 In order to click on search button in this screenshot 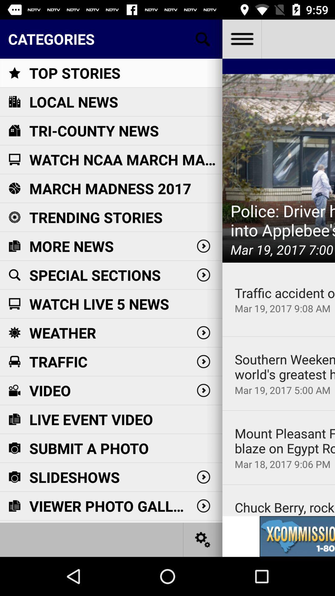, I will do `click(203, 38)`.